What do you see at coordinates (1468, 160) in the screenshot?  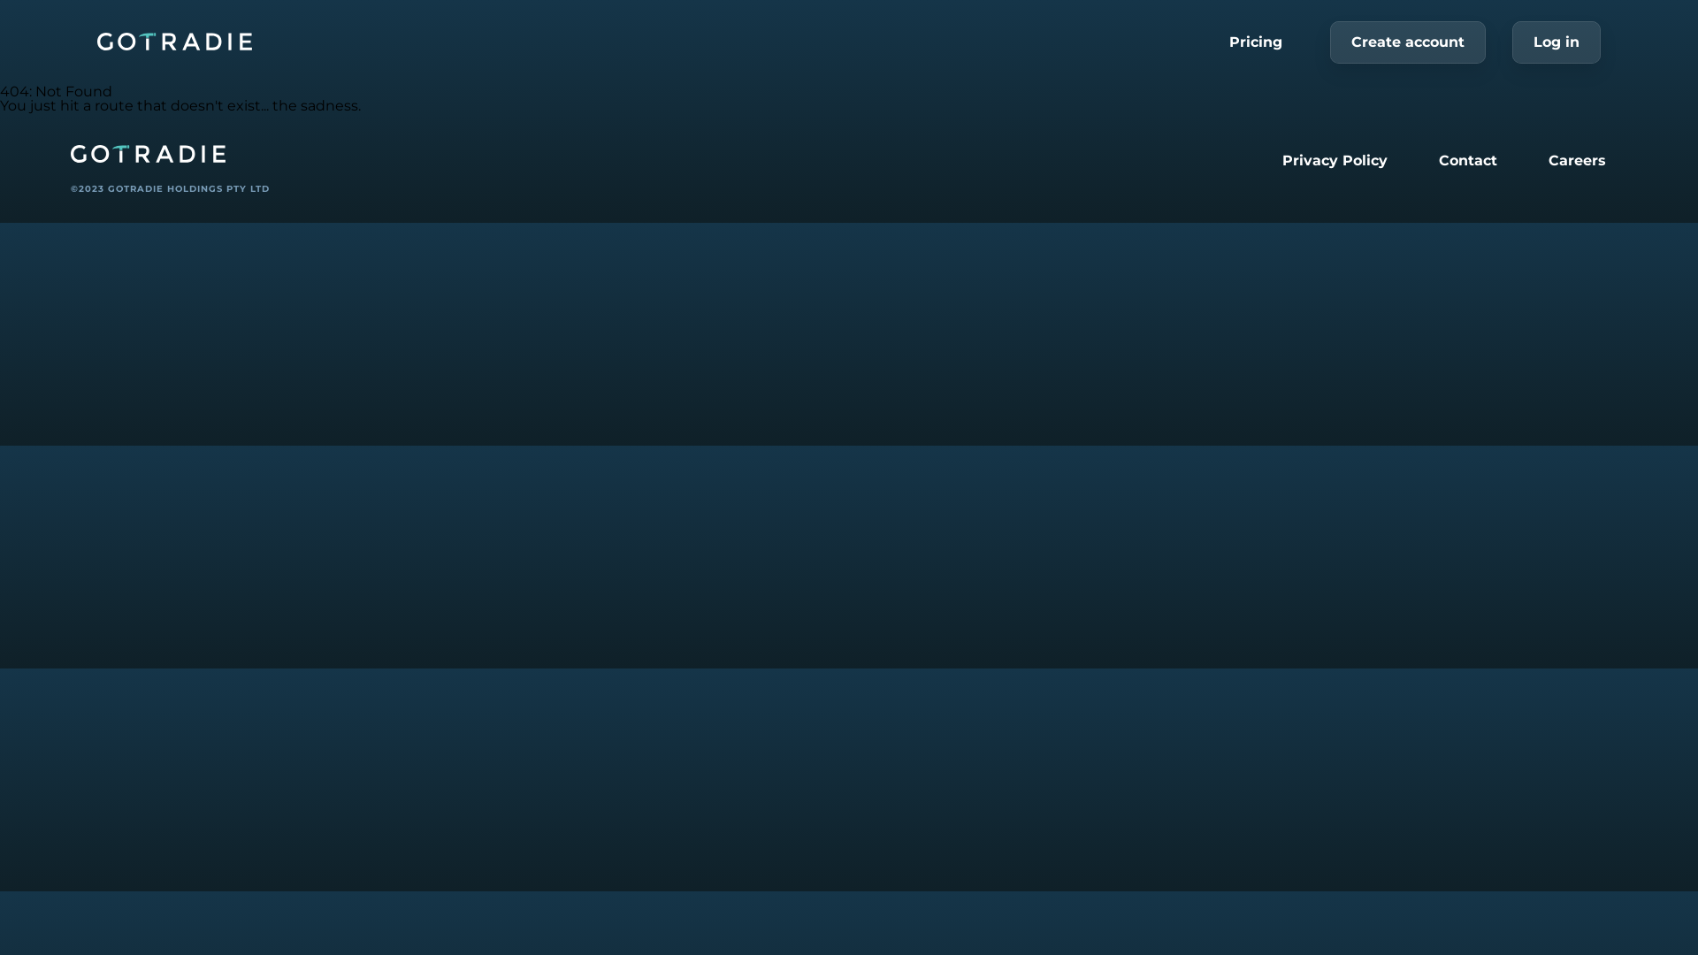 I see `'Contact'` at bounding box center [1468, 160].